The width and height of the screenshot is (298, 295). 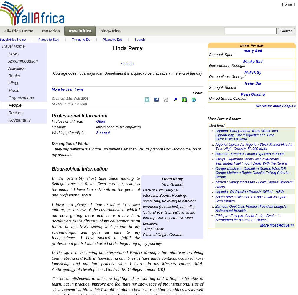 I want to click on '(At a Glance)', so click(x=172, y=184).